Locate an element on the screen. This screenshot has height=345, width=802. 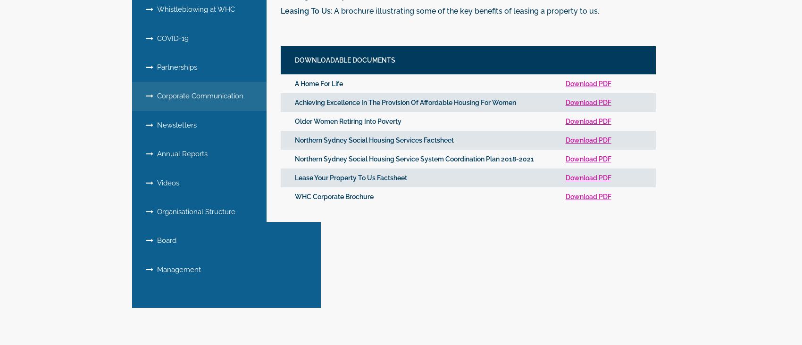
'Northern Sydney Social Housing Service System Coordination Plan 2018-2021' is located at coordinates (414, 158).